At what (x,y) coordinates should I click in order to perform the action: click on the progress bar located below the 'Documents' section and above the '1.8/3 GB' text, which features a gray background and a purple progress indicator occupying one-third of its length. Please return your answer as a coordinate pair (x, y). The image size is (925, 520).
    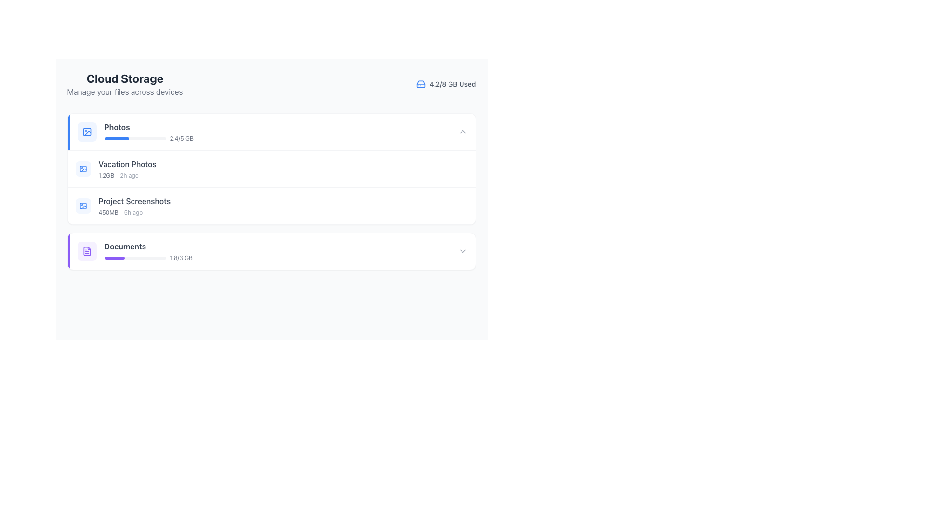
    Looking at the image, I should click on (134, 258).